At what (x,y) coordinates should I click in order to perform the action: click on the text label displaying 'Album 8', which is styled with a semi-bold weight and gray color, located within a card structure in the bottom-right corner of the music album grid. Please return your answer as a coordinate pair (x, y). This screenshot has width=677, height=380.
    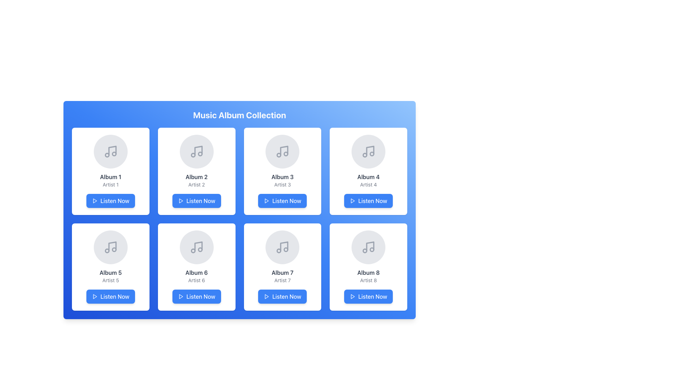
    Looking at the image, I should click on (368, 272).